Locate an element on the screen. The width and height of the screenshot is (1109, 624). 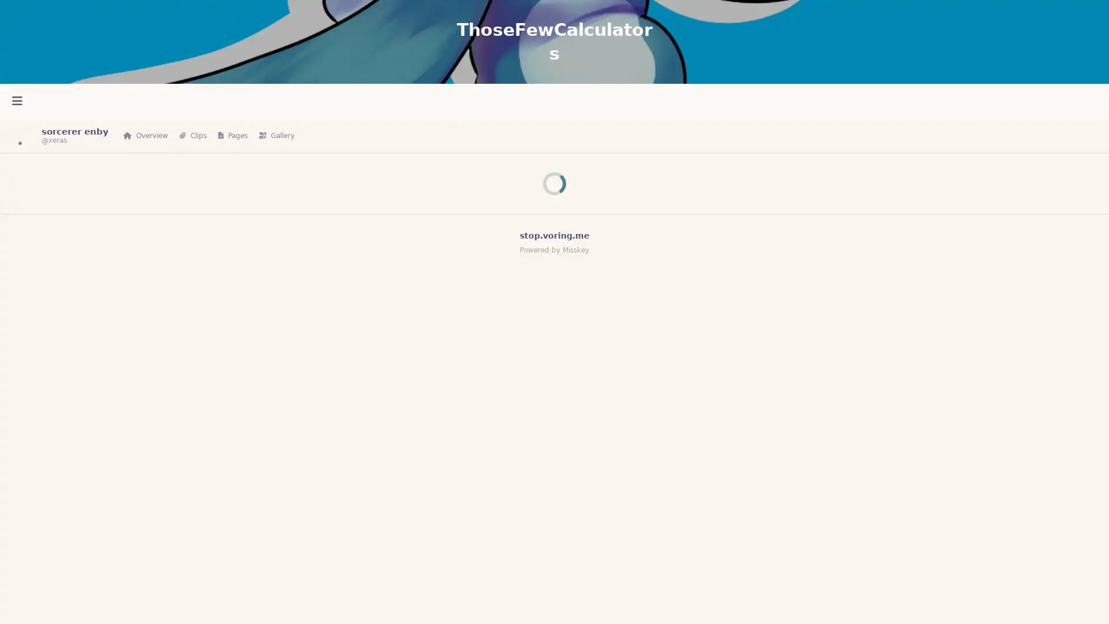
Clips is located at coordinates (193, 135).